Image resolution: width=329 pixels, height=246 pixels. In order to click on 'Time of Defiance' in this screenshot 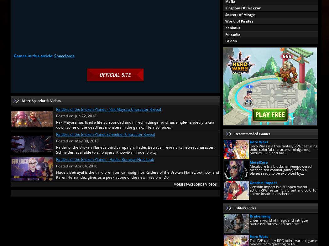, I will do `click(240, 87)`.